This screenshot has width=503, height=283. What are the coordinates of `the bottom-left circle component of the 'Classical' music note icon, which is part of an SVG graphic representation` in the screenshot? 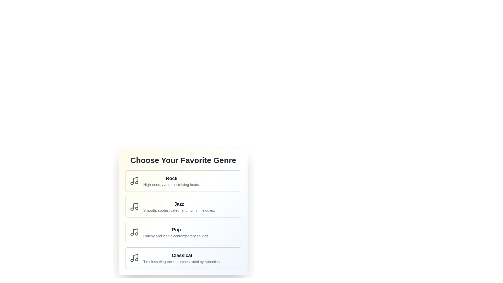 It's located at (132, 260).